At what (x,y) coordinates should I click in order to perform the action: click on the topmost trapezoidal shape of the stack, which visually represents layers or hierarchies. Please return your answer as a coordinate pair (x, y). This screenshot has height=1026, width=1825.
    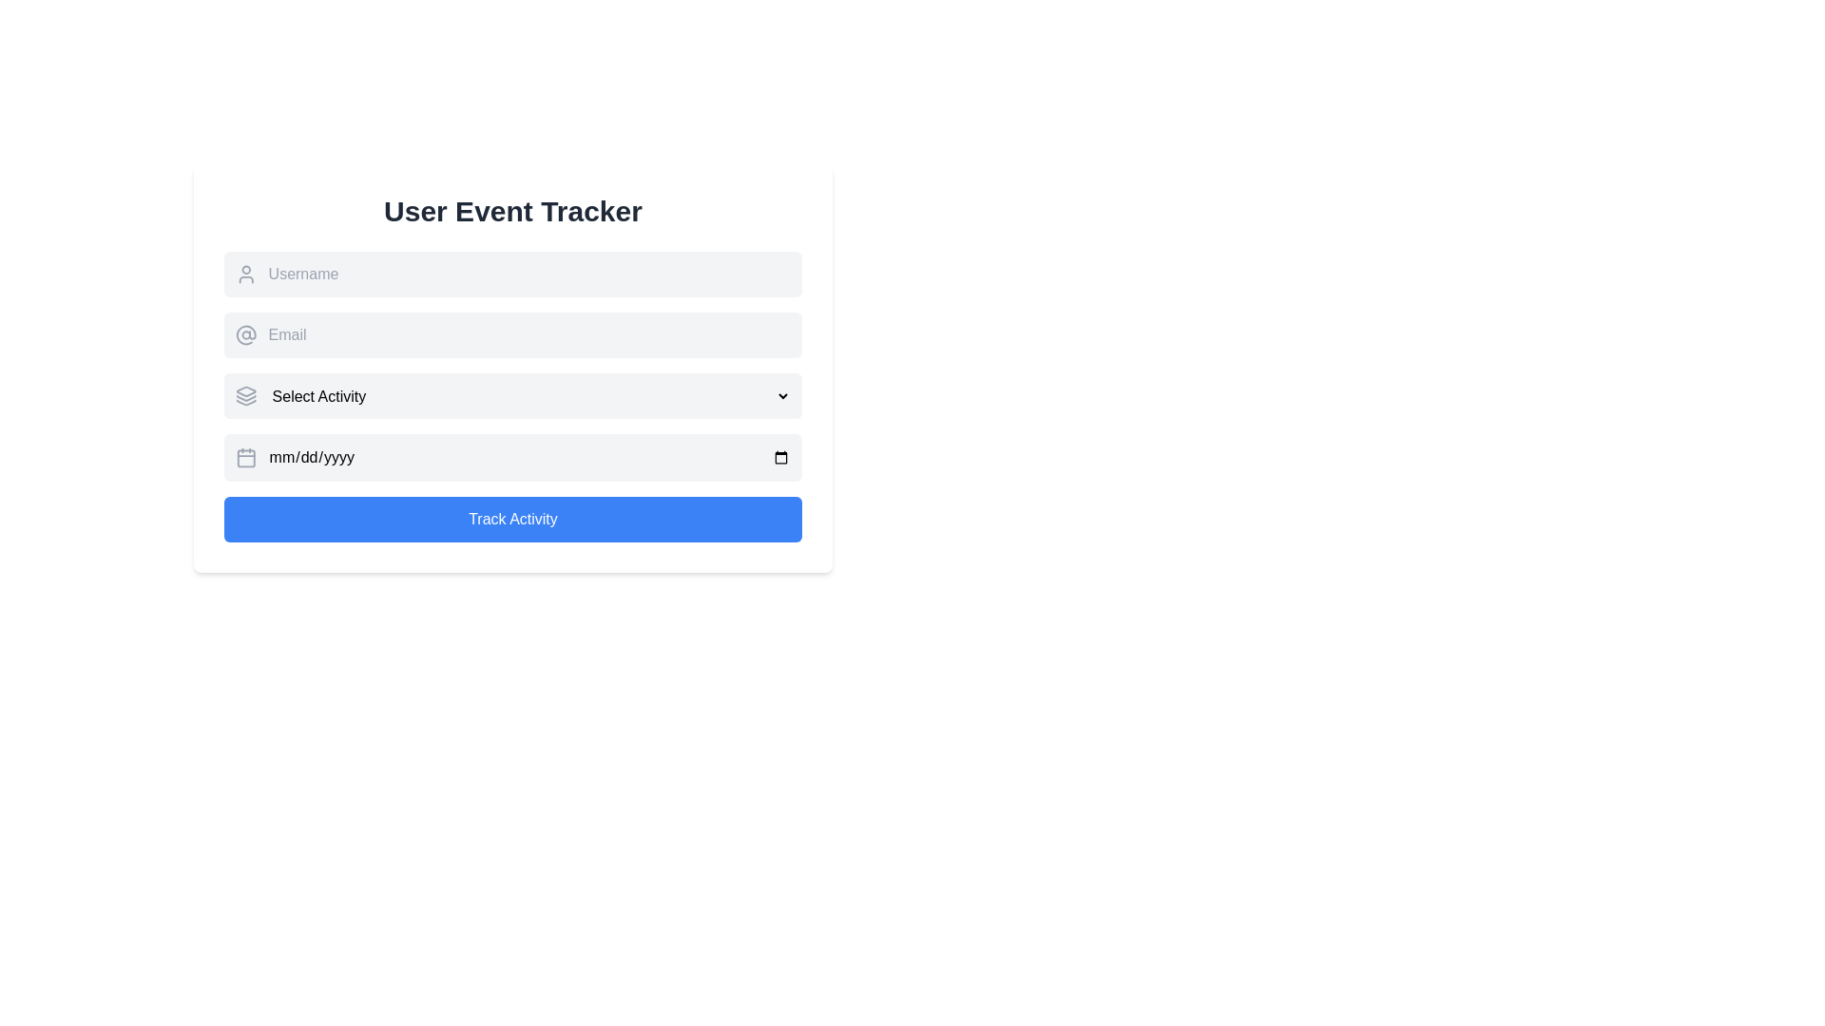
    Looking at the image, I should click on (245, 390).